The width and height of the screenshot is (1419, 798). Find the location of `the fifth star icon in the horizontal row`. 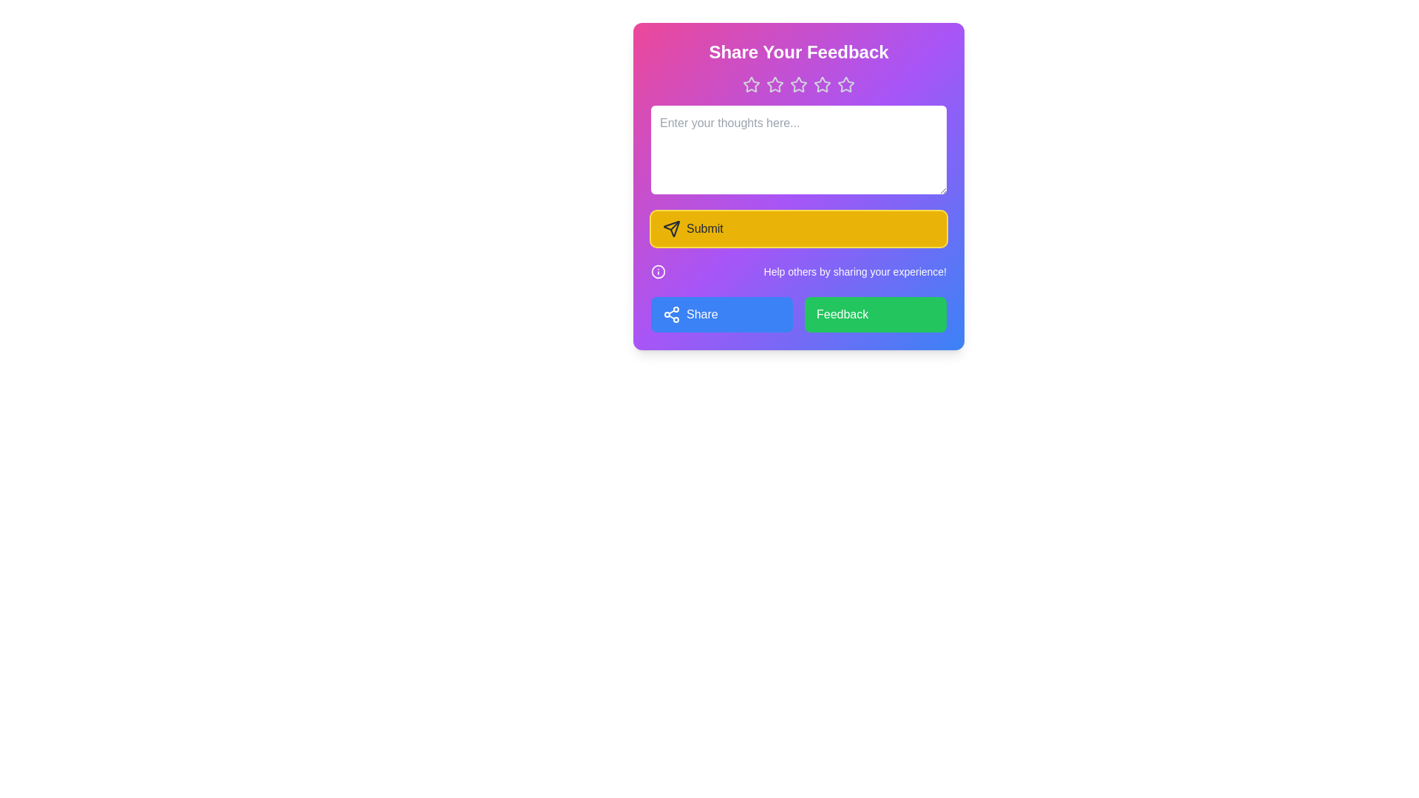

the fifth star icon in the horizontal row is located at coordinates (846, 85).